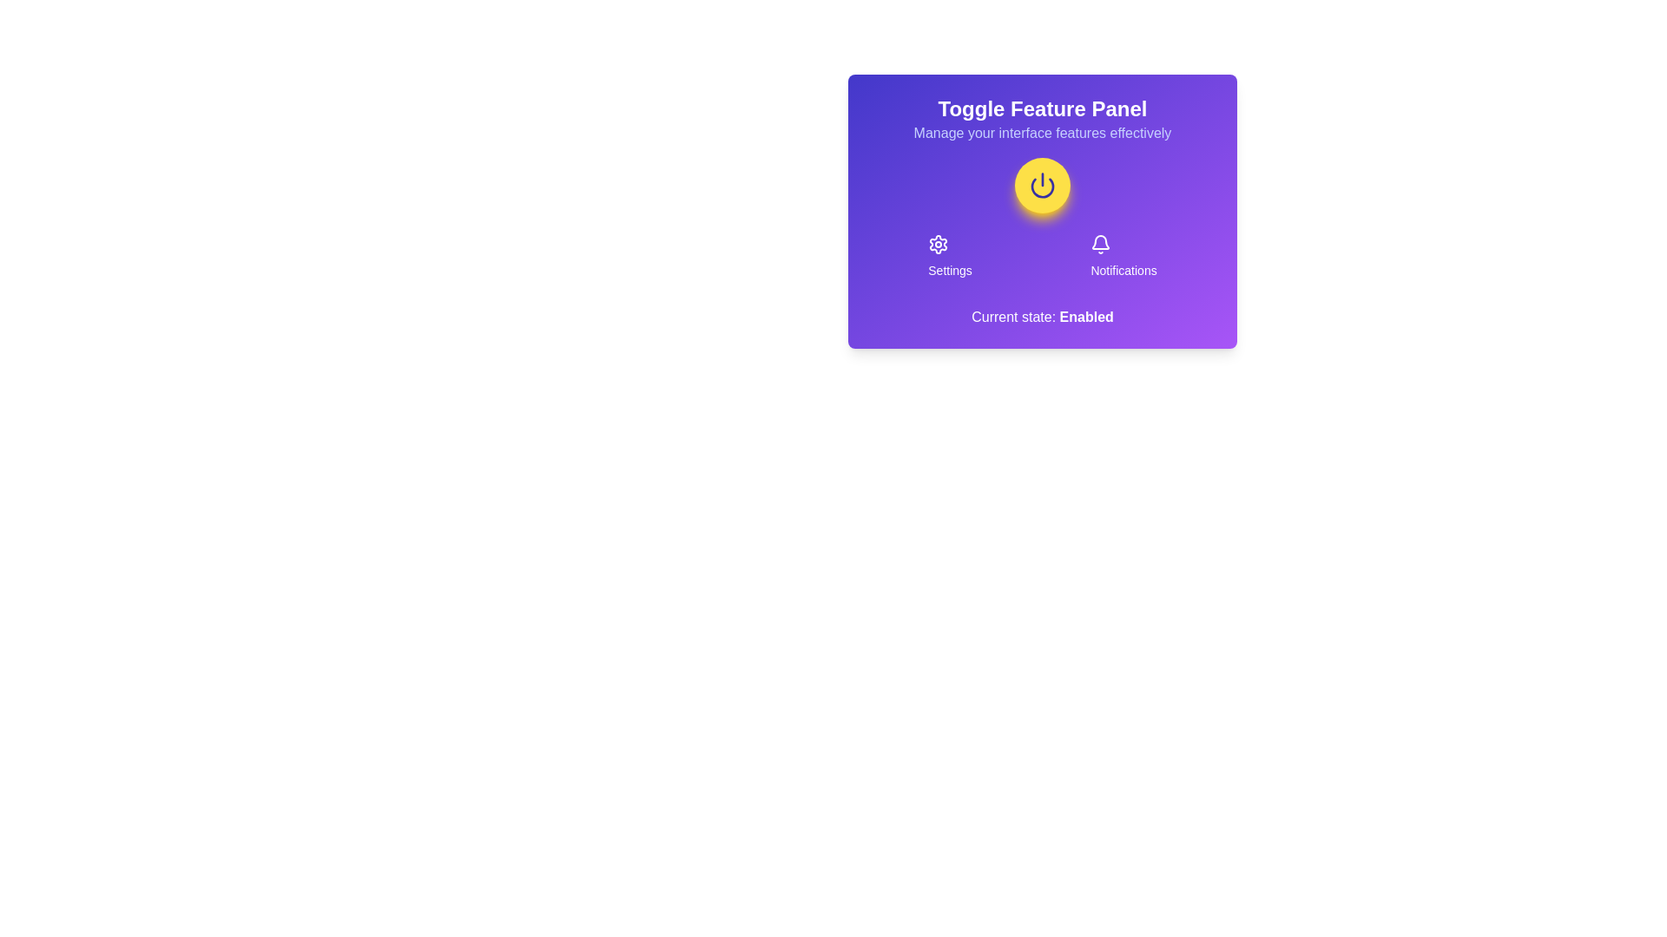  I want to click on the button with a power symbol located in the center of the 'Toggle Feature Panel', so click(1042, 185).